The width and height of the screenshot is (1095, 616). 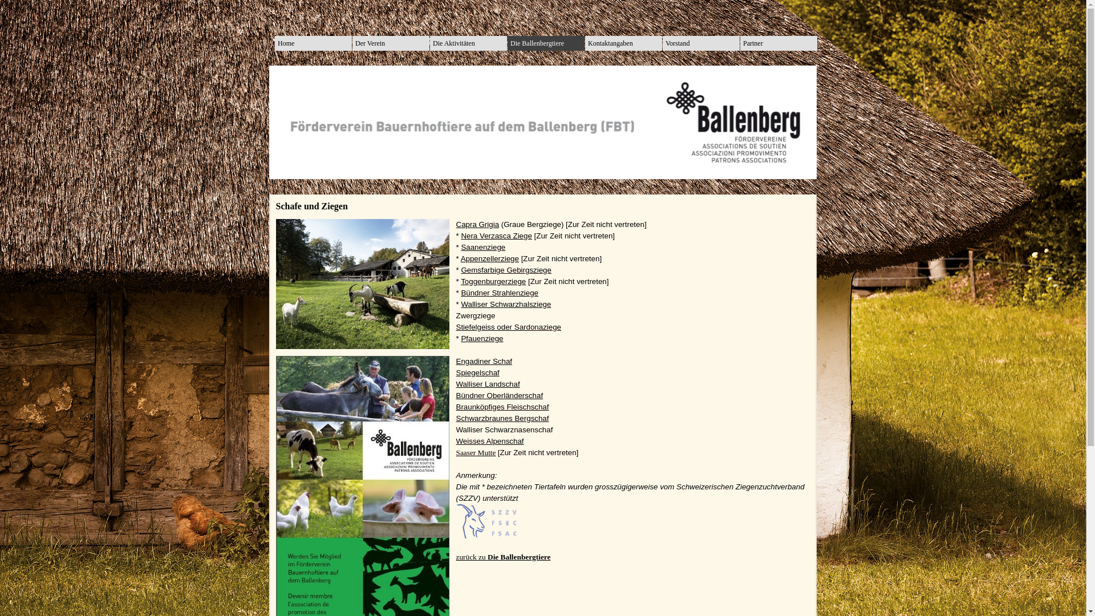 What do you see at coordinates (476, 452) in the screenshot?
I see `'Saaser Mutte'` at bounding box center [476, 452].